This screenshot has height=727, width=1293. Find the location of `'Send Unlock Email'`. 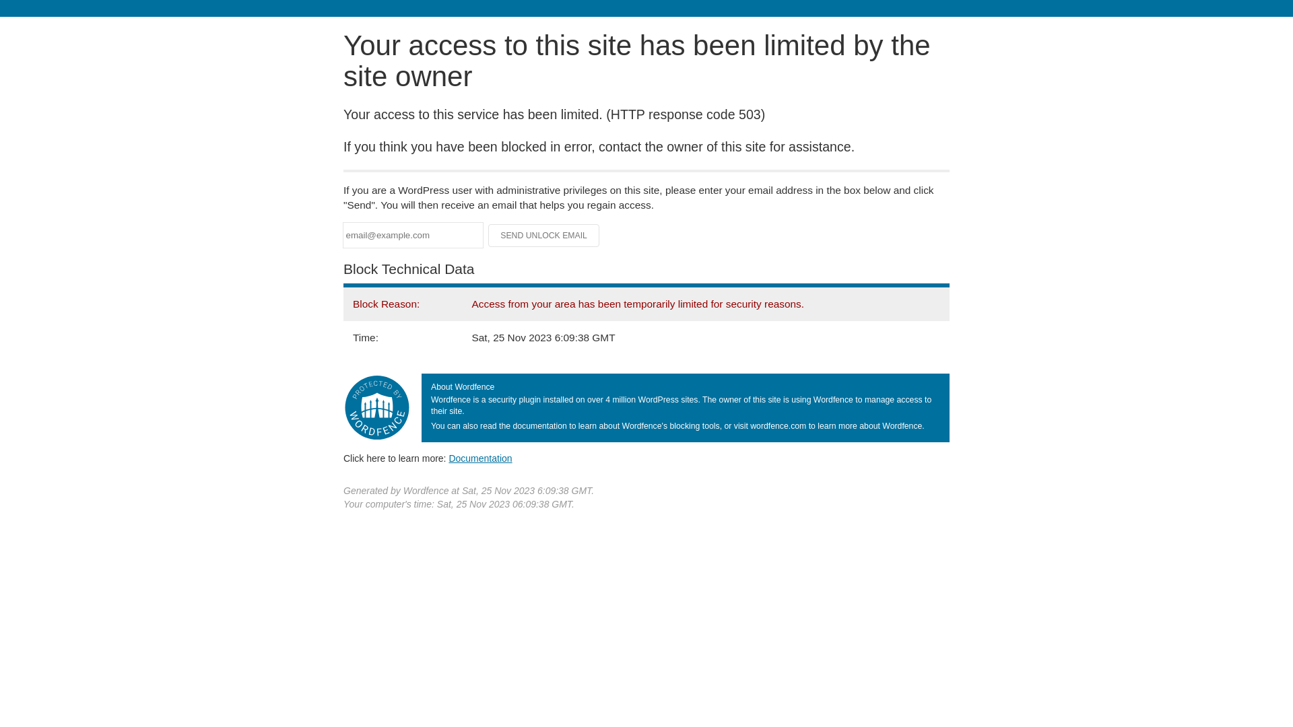

'Send Unlock Email' is located at coordinates (543, 235).